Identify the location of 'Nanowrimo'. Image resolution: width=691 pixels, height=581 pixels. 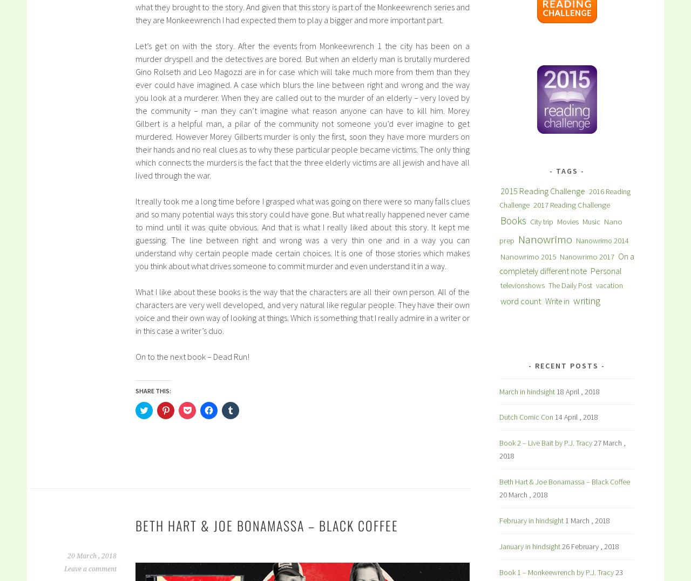
(545, 238).